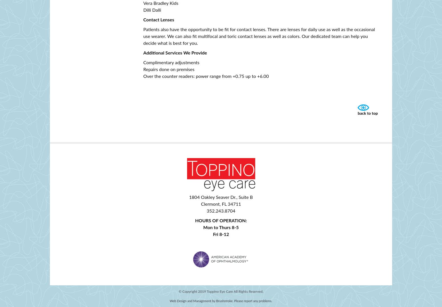 The height and width of the screenshot is (307, 442). I want to click on 'Web Design and Management by Brushstroke. Please report any problems.', so click(221, 301).